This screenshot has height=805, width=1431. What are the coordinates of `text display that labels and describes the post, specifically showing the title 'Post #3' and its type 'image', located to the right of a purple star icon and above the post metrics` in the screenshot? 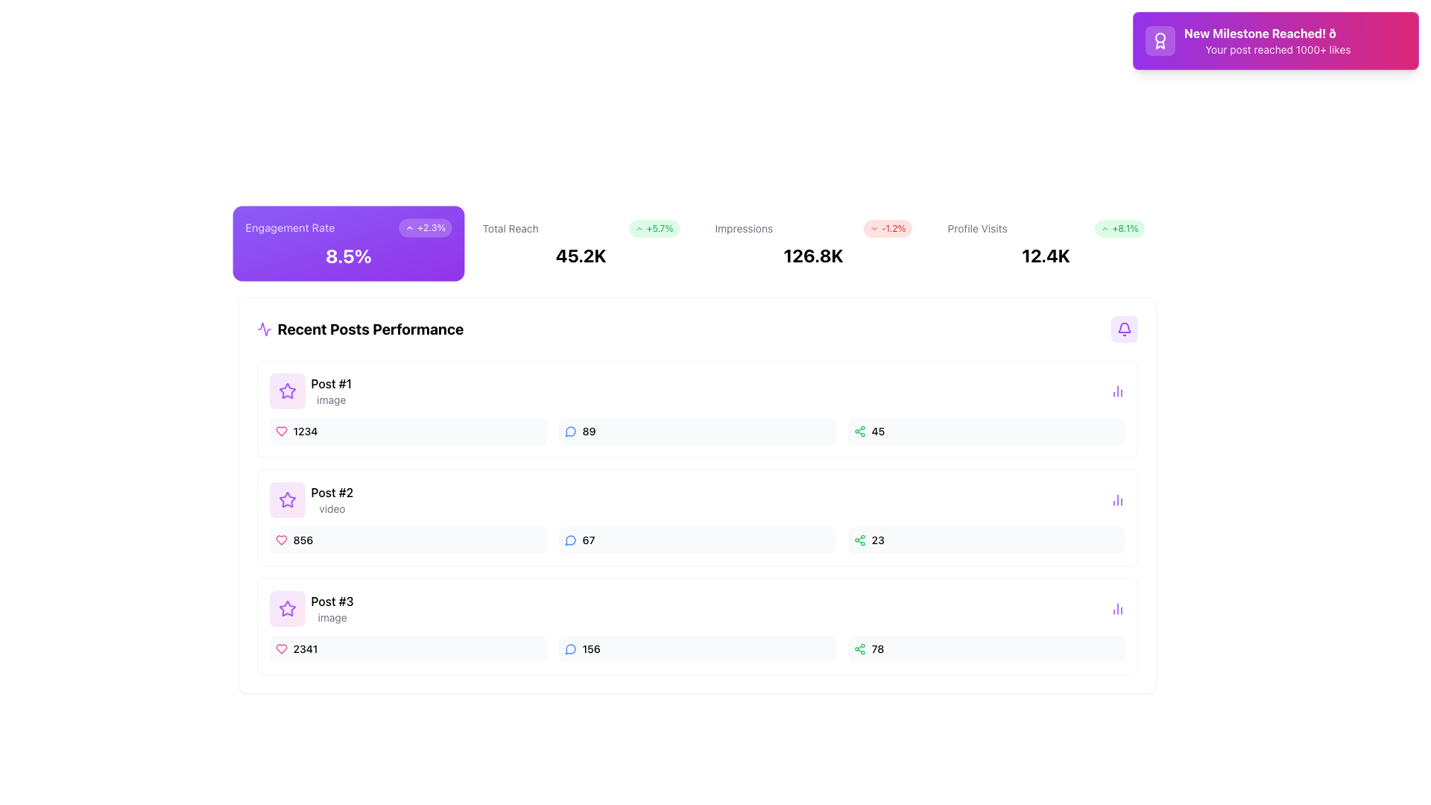 It's located at (332, 609).